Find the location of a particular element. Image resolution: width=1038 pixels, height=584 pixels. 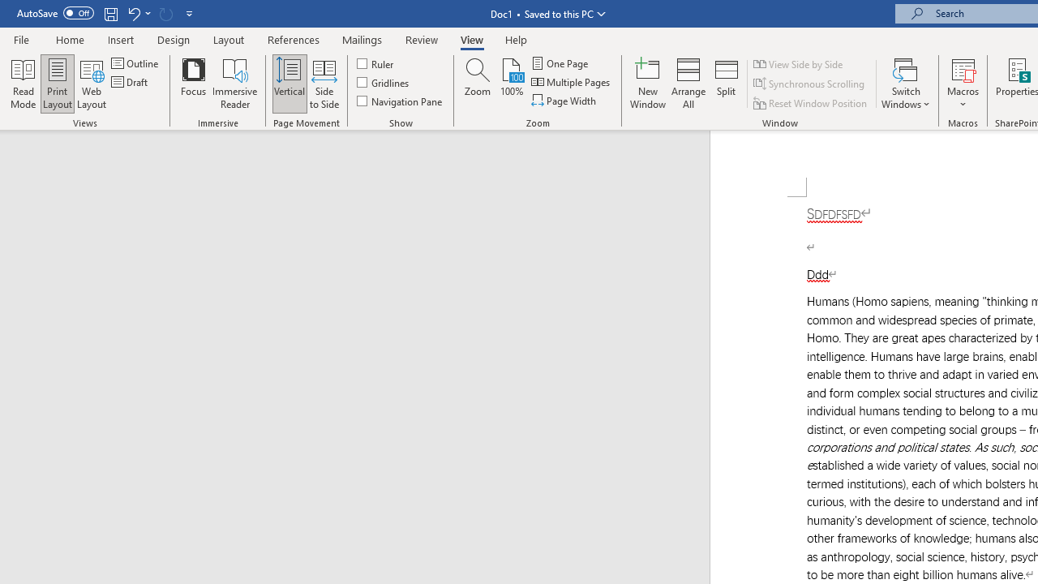

'Page Width' is located at coordinates (564, 101).